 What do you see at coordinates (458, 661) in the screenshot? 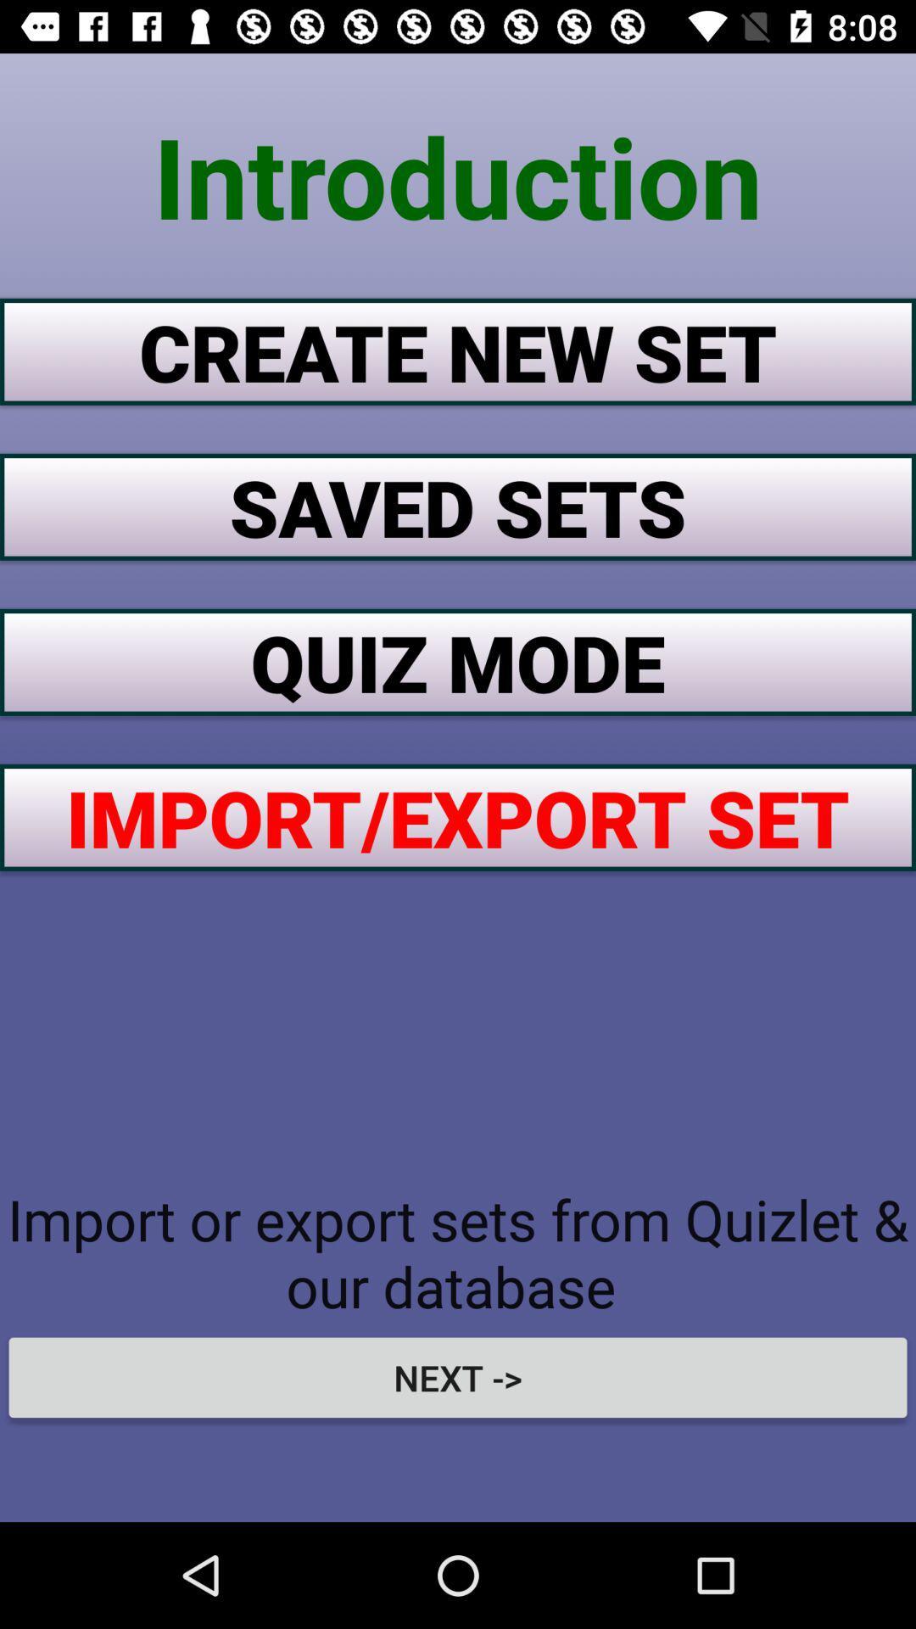
I see `quiz mode button` at bounding box center [458, 661].